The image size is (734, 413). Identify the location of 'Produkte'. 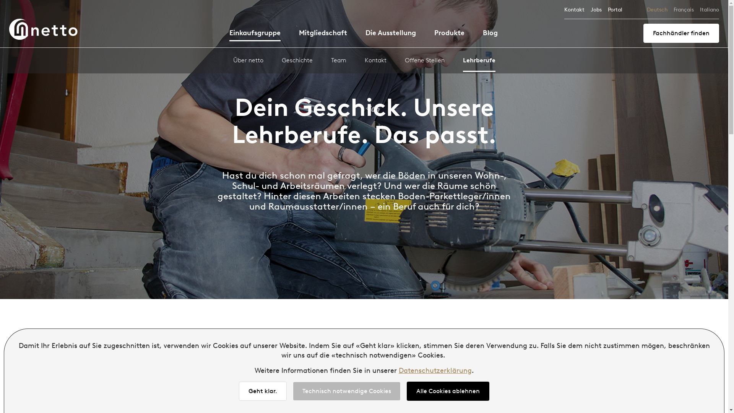
(434, 34).